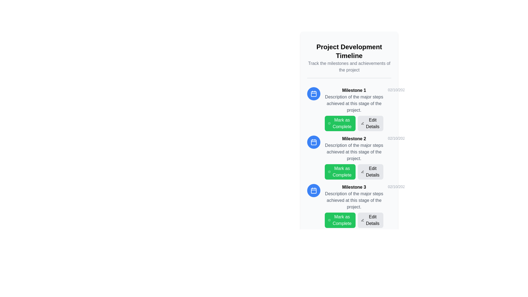 The image size is (528, 297). What do you see at coordinates (340, 171) in the screenshot?
I see `the button under the second milestone to mark it as complete` at bounding box center [340, 171].